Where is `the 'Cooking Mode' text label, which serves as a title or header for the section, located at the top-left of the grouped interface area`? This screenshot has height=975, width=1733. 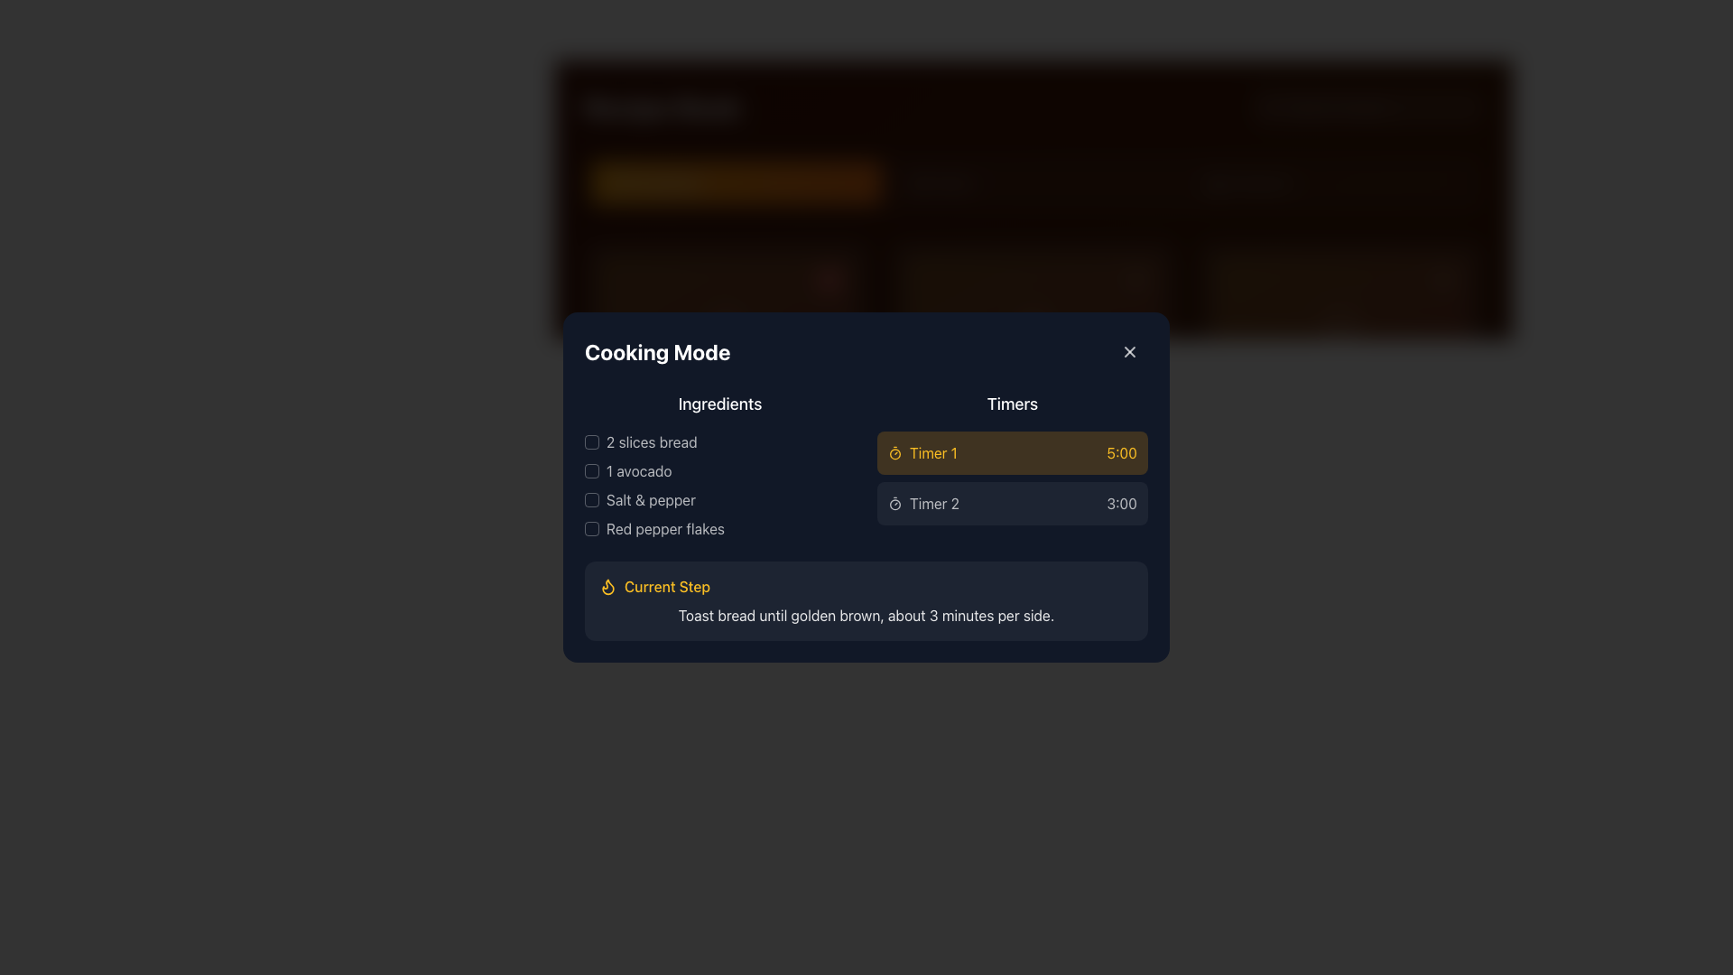 the 'Cooking Mode' text label, which serves as a title or header for the section, located at the top-left of the grouped interface area is located at coordinates (656, 351).